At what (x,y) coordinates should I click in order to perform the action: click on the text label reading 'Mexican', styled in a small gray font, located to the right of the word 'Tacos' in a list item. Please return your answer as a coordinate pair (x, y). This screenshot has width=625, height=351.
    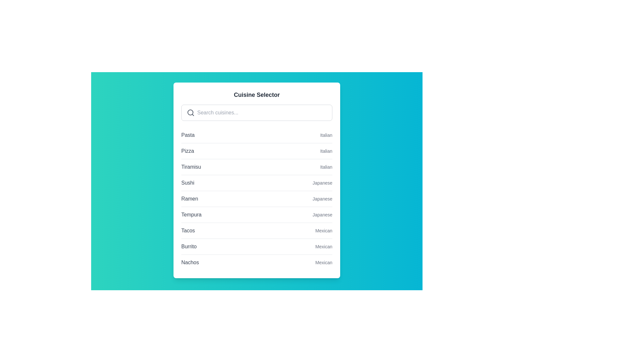
    Looking at the image, I should click on (324, 230).